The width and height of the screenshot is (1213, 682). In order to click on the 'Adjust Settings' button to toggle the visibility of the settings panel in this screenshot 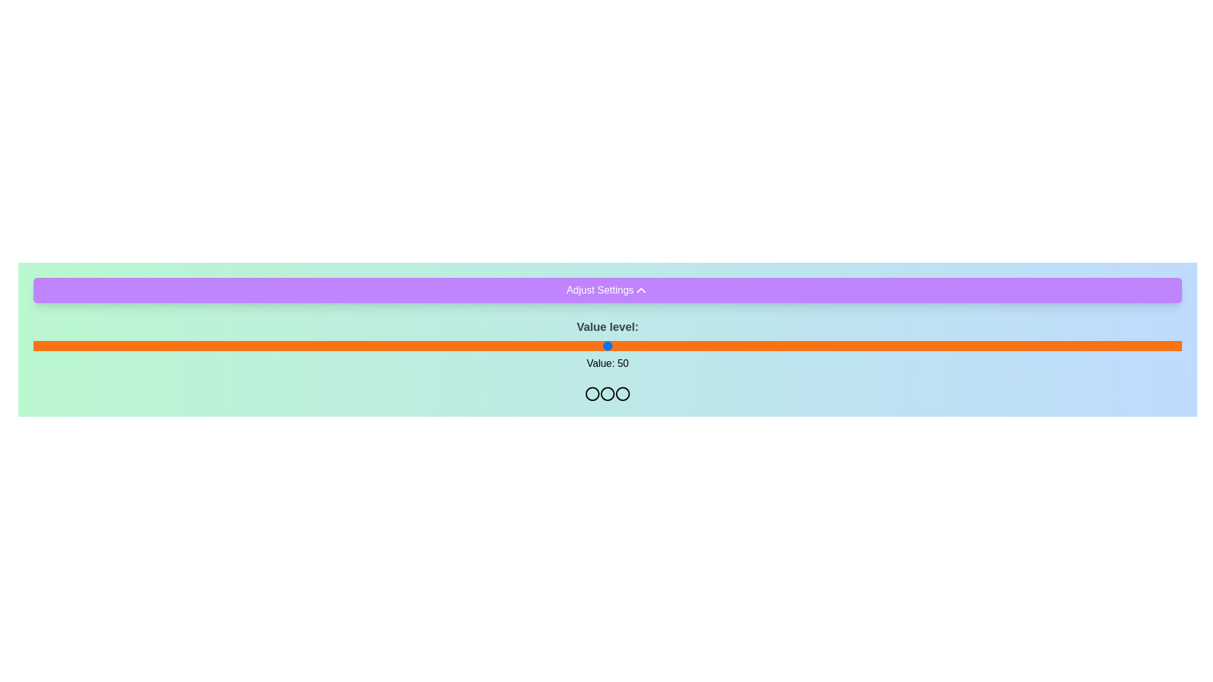, I will do `click(607, 290)`.